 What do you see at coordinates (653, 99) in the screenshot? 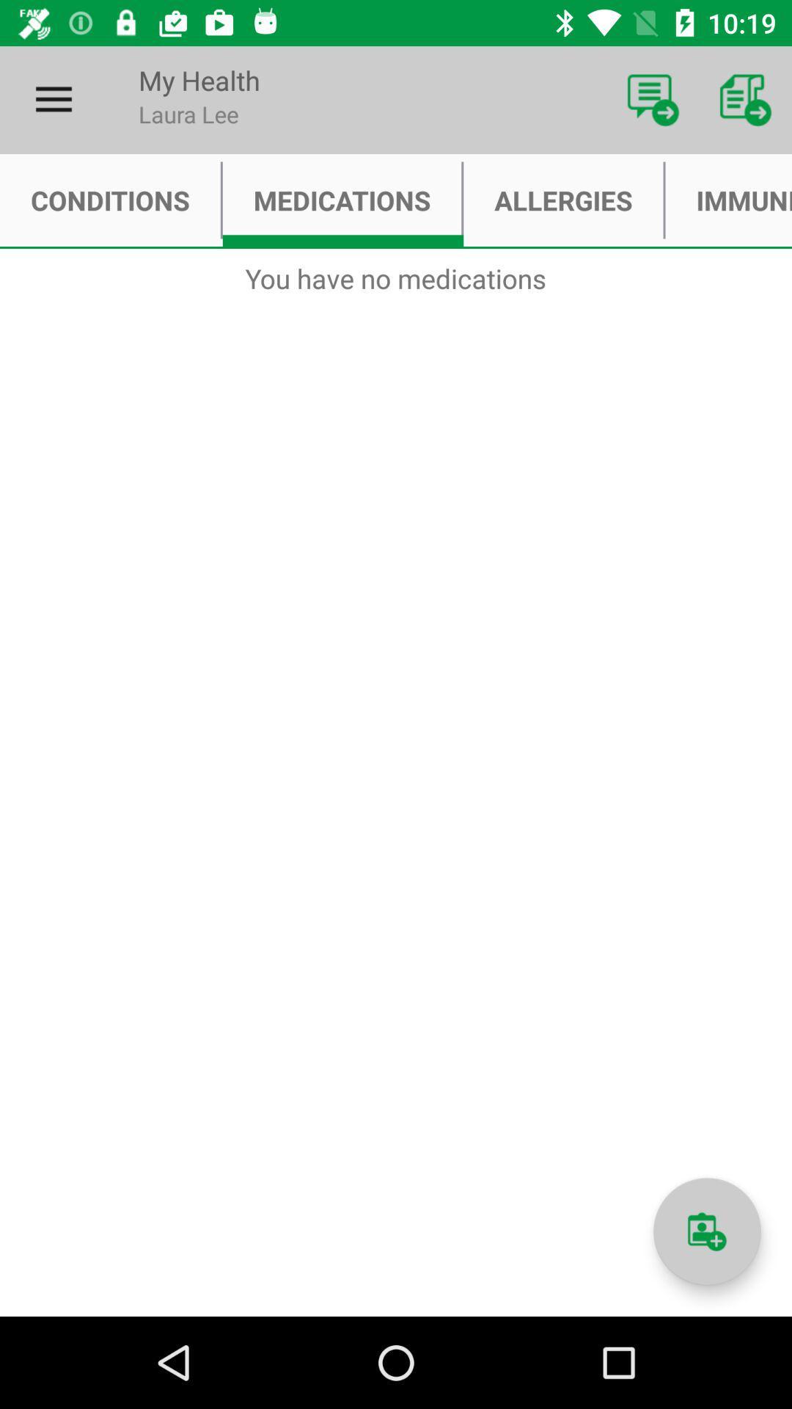
I see `item above the allergies item` at bounding box center [653, 99].